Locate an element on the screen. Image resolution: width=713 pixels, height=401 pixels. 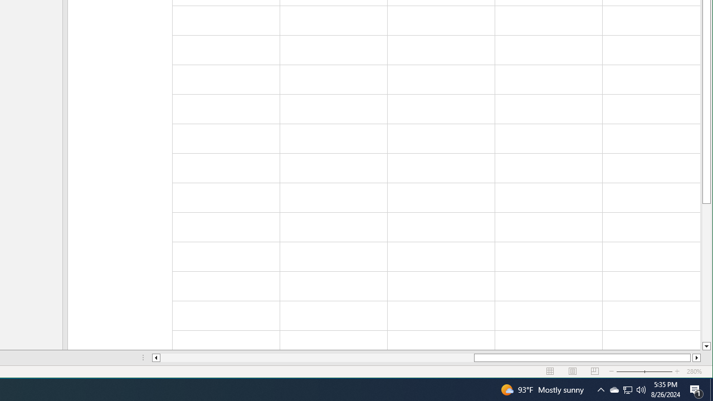
'Zoom Out' is located at coordinates (613, 389).